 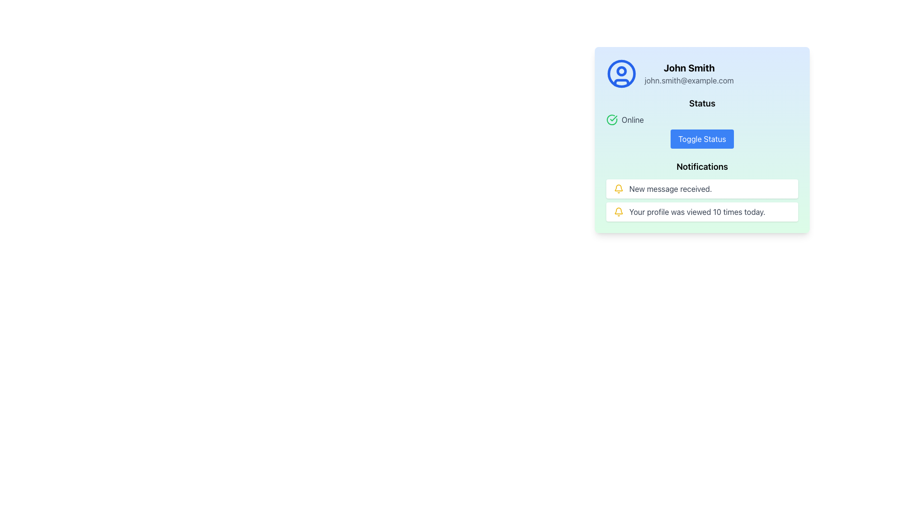 I want to click on the Notification Card displaying 'New message received.' with a yellow bell icon, positioned as the first notification under the 'Notifications' section in the profile card layout, so click(x=702, y=188).